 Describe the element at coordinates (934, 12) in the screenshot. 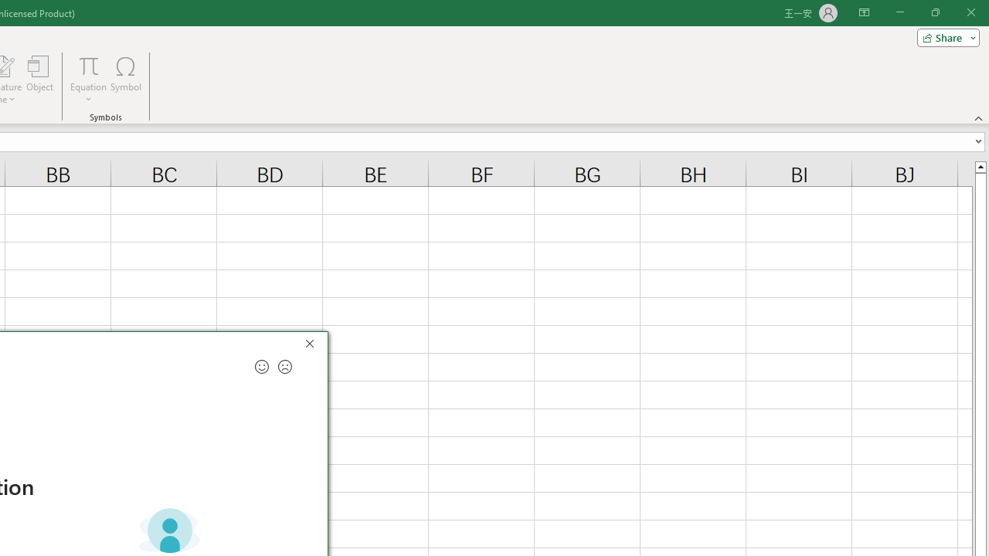

I see `'Restore Down'` at that location.